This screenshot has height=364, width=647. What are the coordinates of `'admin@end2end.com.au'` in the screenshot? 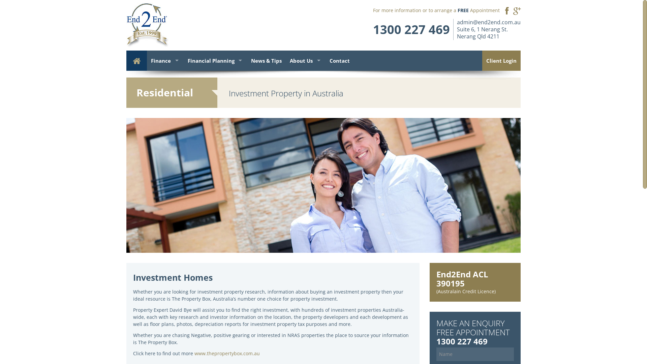 It's located at (489, 22).